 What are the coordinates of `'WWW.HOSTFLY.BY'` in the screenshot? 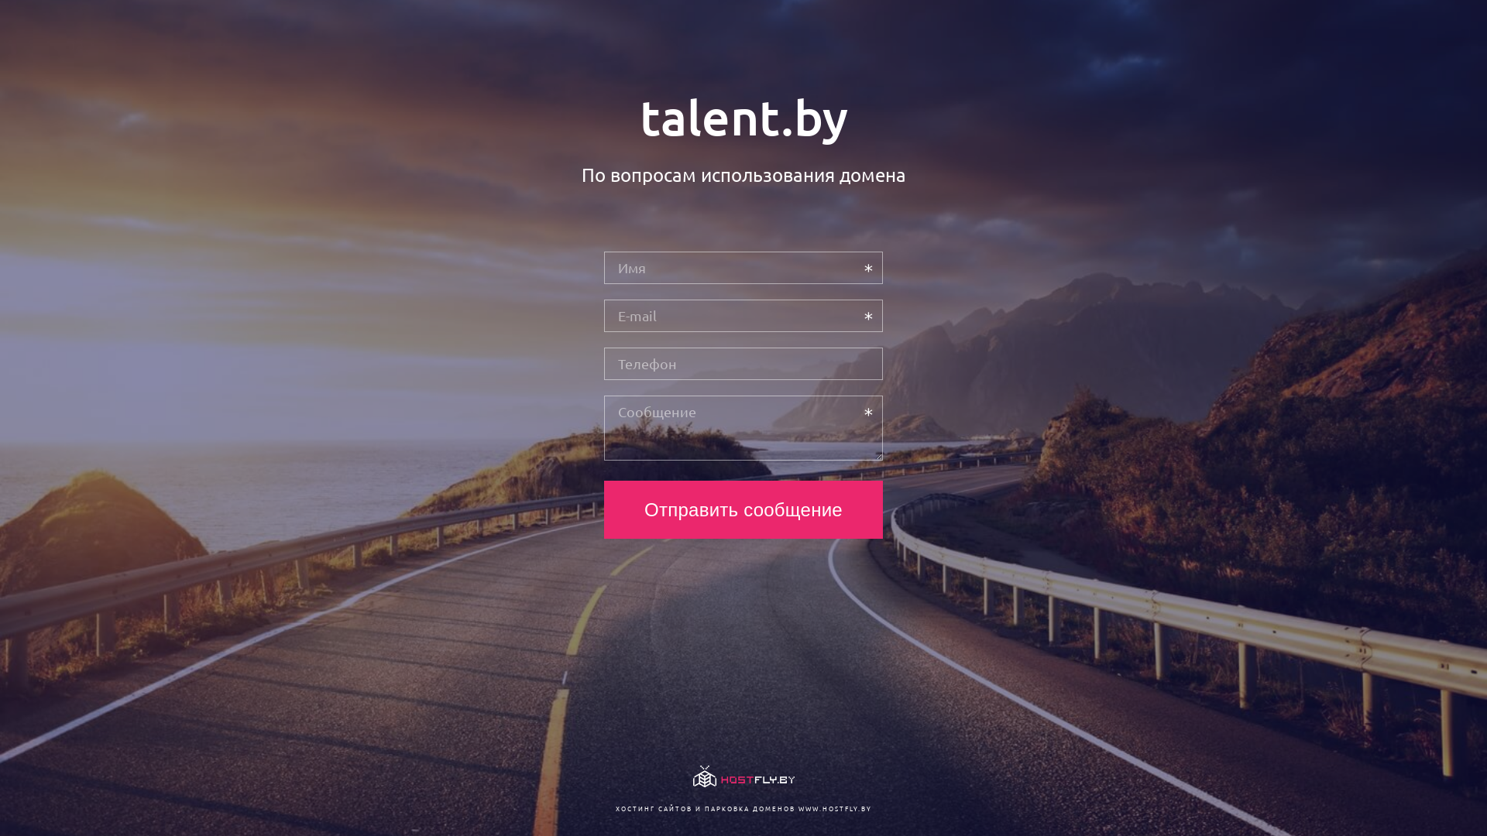 It's located at (798, 807).